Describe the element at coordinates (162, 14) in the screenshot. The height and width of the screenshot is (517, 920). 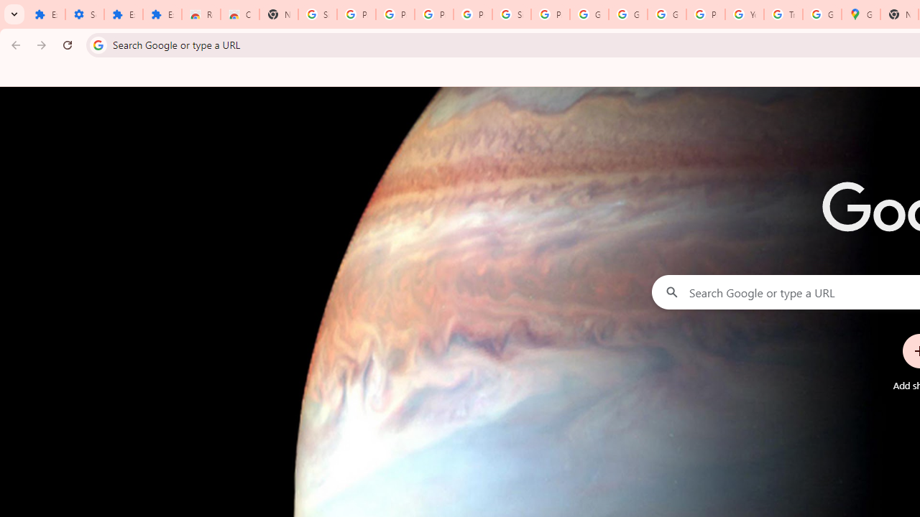
I see `'Extensions'` at that location.